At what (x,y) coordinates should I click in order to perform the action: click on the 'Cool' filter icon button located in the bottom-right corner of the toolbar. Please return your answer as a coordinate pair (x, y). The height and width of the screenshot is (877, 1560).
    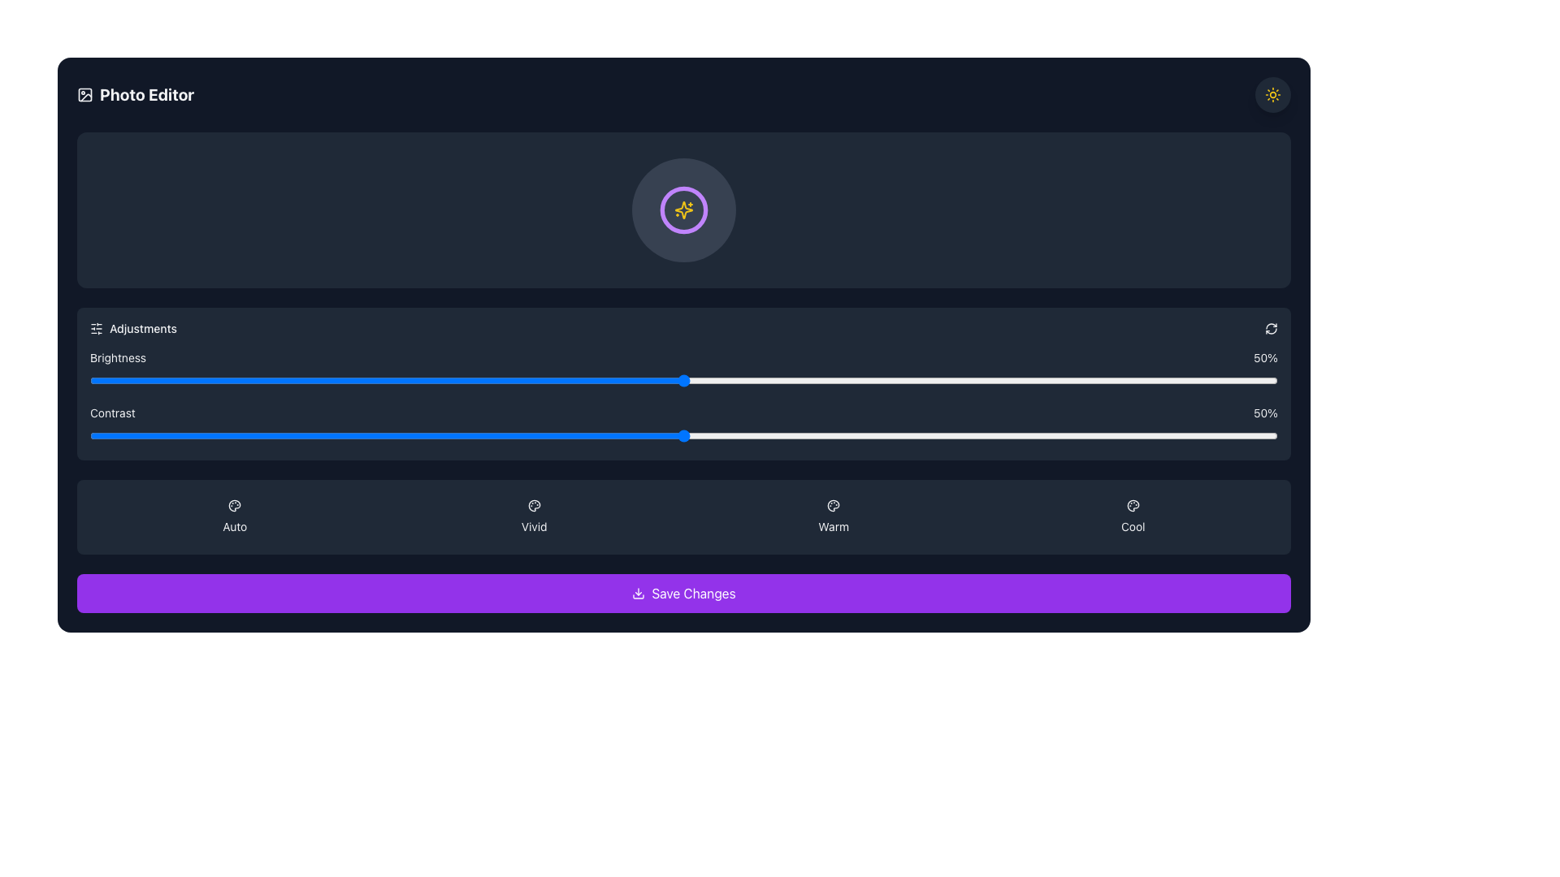
    Looking at the image, I should click on (1132, 505).